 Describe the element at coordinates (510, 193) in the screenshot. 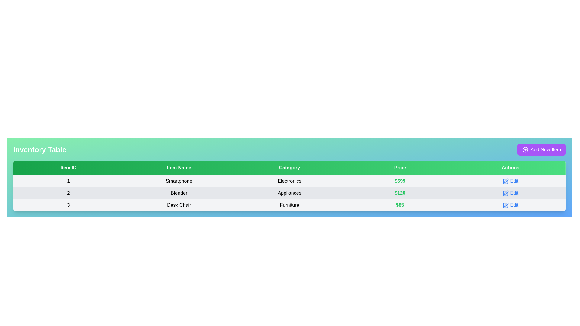

I see `the 'Edit' button in the 'Actions' column of the table for the item 'Blender' located in the second row` at that location.